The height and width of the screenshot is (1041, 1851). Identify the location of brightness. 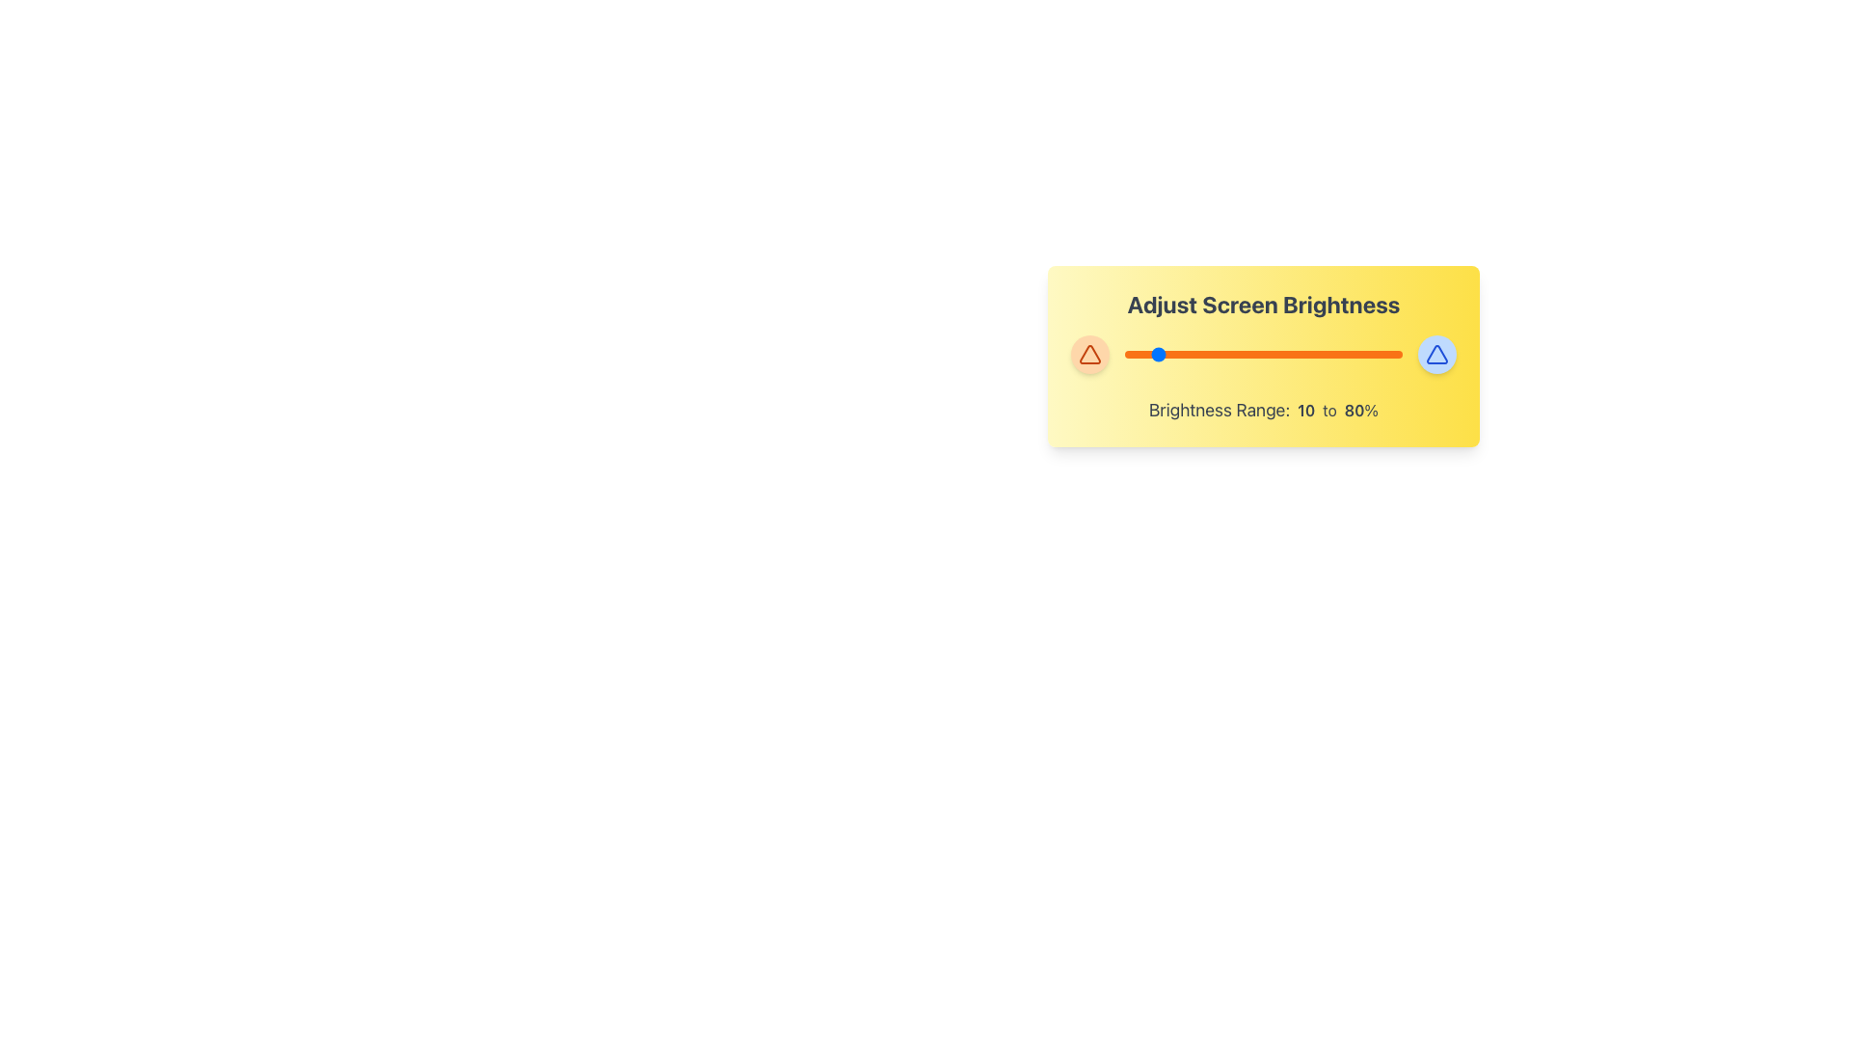
(1195, 354).